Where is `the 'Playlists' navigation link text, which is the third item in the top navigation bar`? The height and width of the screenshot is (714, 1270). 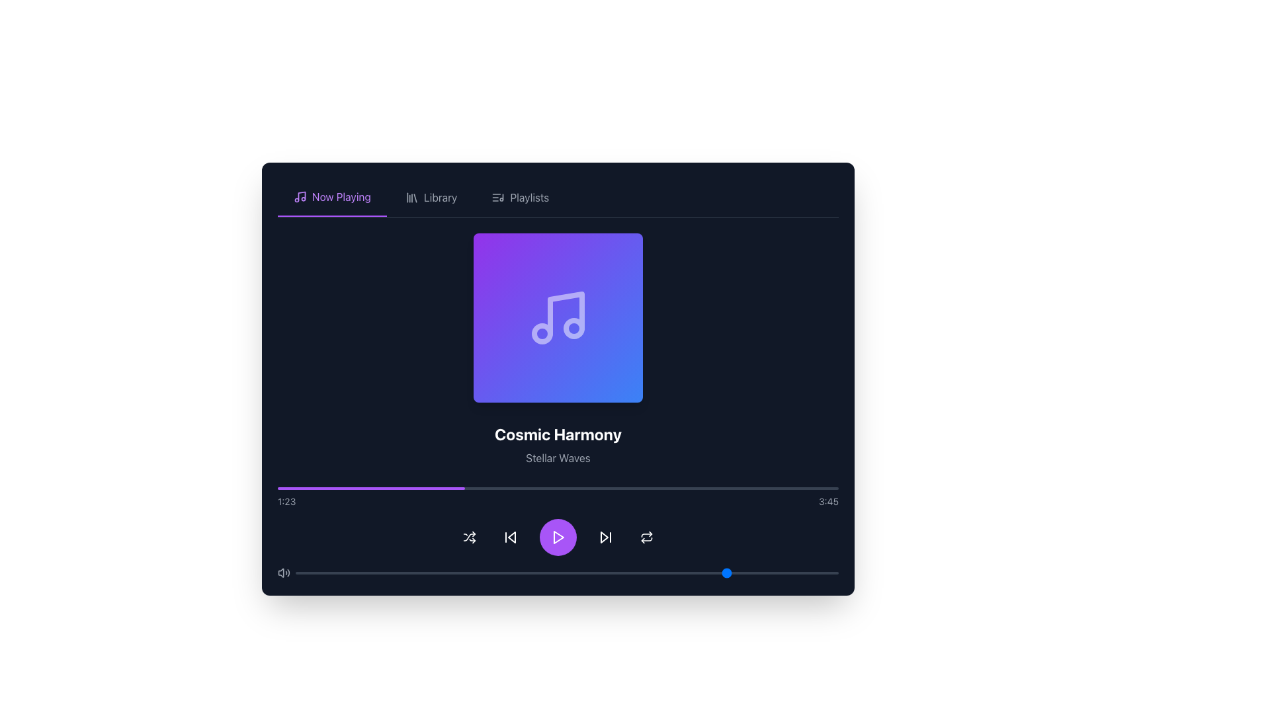 the 'Playlists' navigation link text, which is the third item in the top navigation bar is located at coordinates (529, 198).